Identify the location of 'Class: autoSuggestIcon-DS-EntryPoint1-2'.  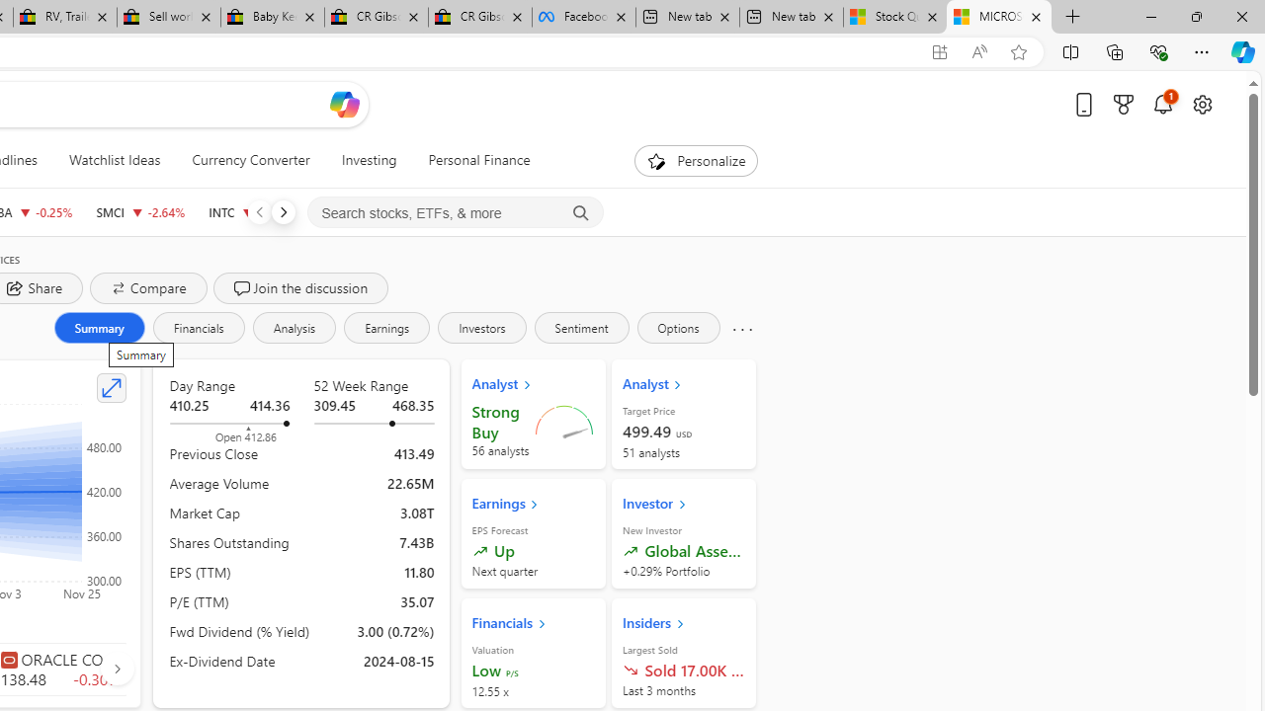
(8, 659).